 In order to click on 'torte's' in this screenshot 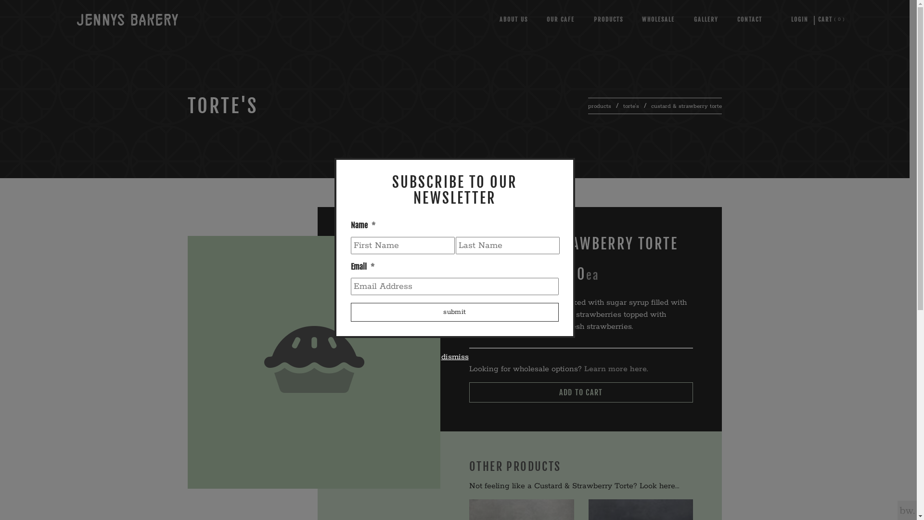, I will do `click(631, 106)`.